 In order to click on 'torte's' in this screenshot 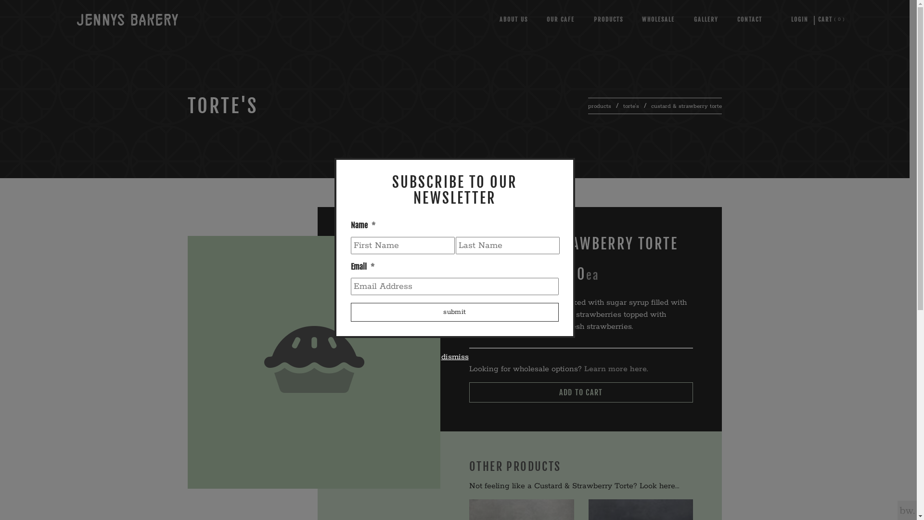, I will do `click(631, 106)`.